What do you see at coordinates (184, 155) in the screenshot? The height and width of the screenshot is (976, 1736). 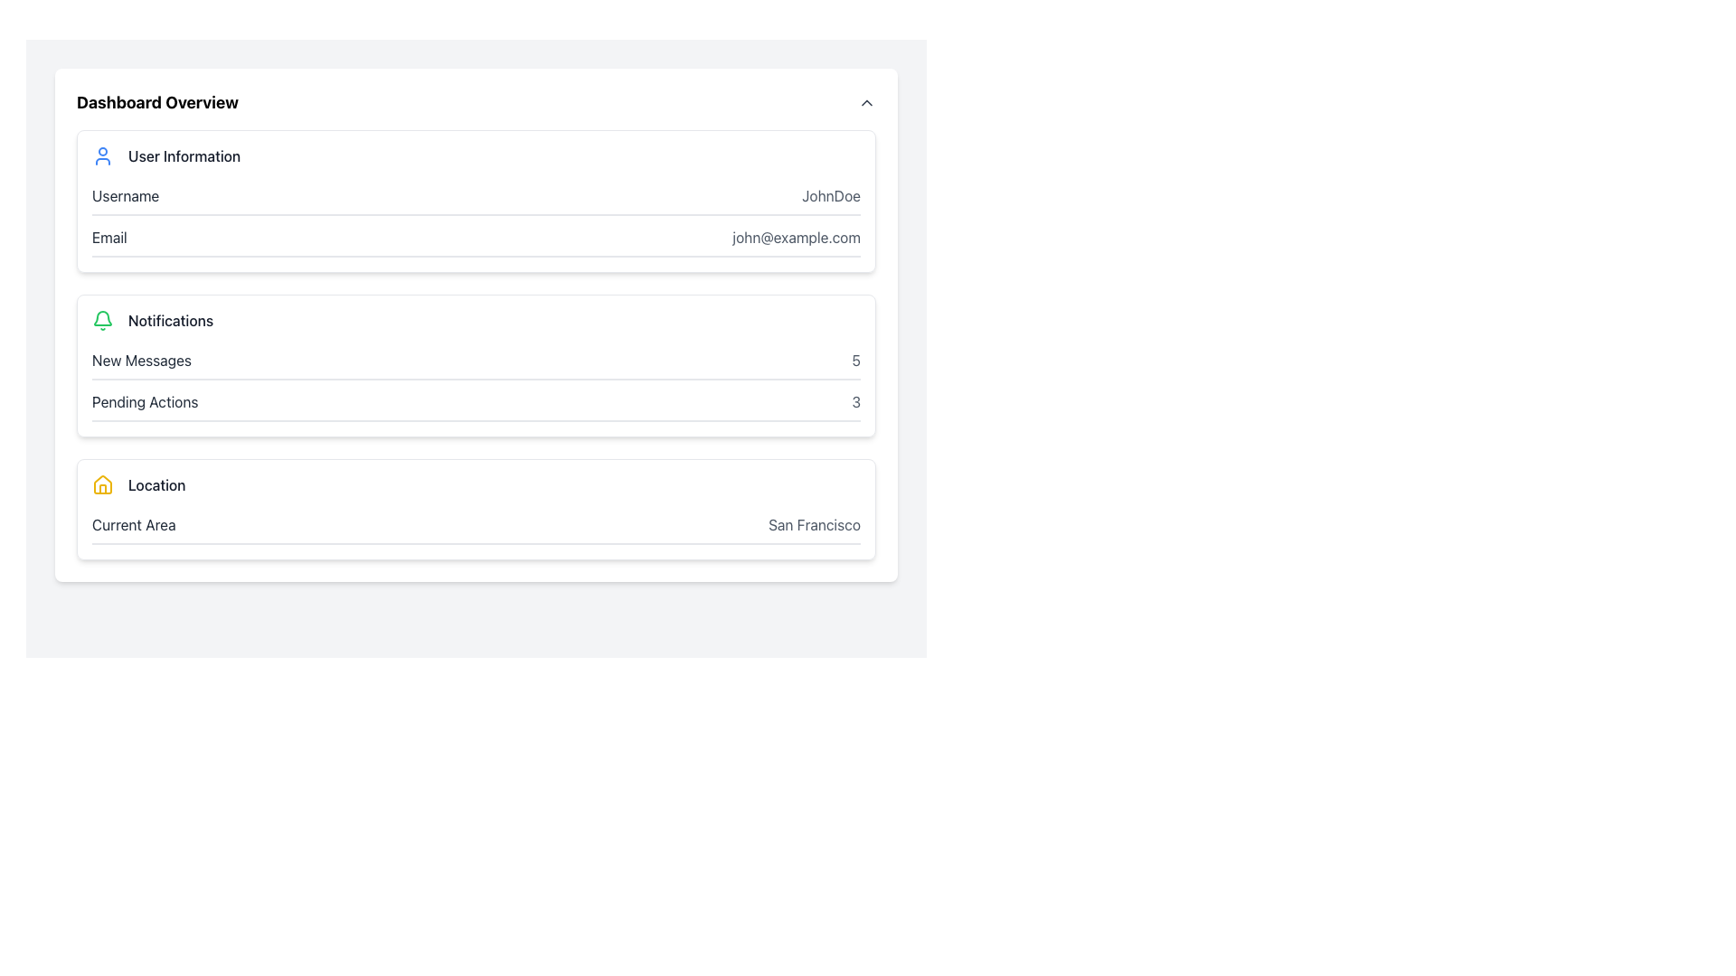 I see `the static text label displaying 'User Information' which is bold and gray-colored, located next to the user icon on the Dashboard Overview interface` at bounding box center [184, 155].